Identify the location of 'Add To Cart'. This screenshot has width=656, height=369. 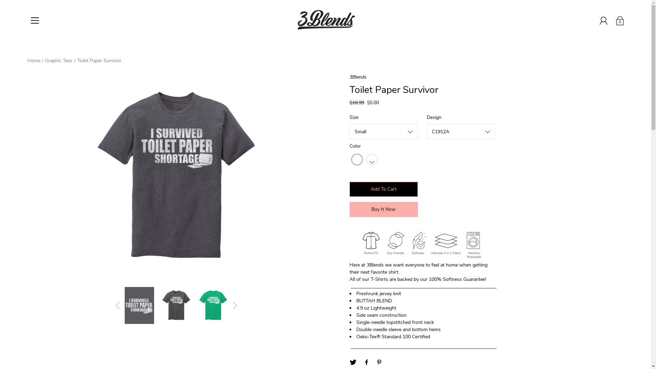
(383, 189).